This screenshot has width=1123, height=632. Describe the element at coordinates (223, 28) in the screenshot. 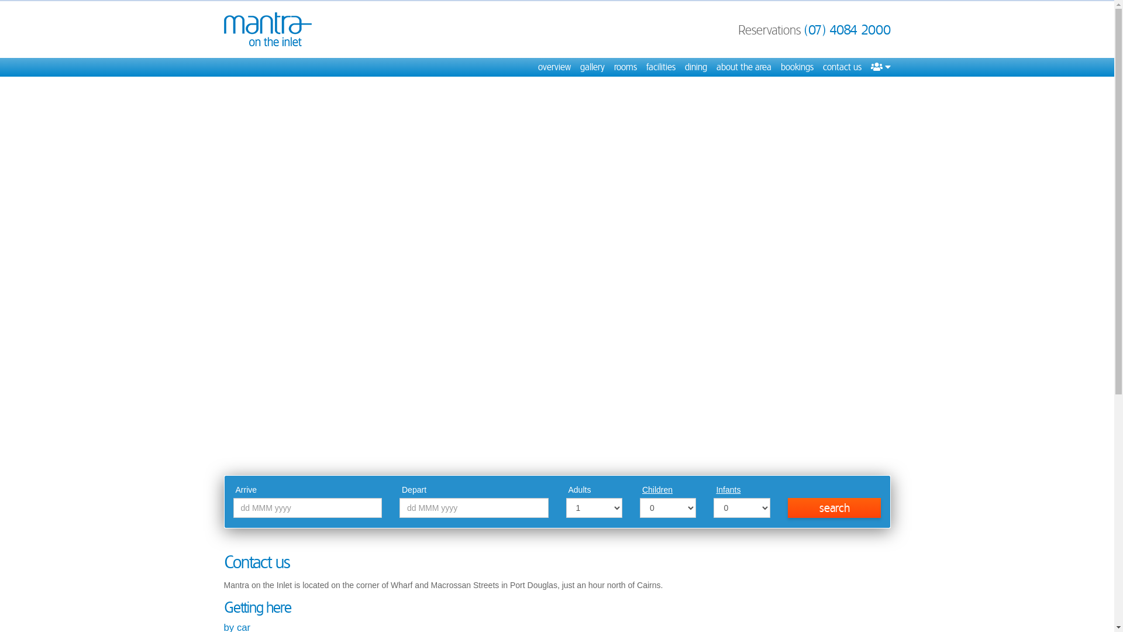

I see `'Mantra on the Inlet'` at that location.